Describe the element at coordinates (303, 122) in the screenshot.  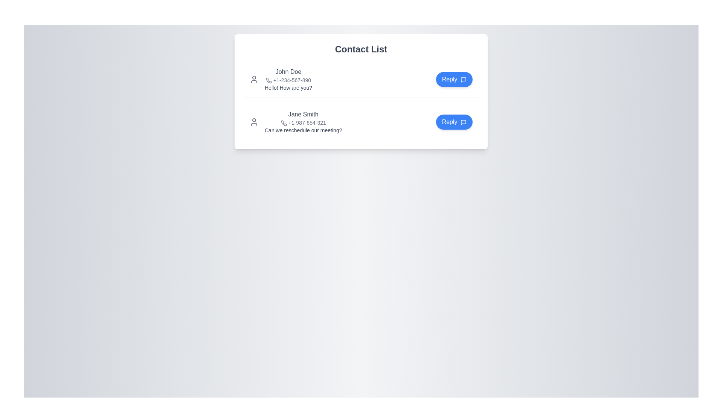
I see `the contact entry for 'Jane Smith', which is the second contact` at that location.